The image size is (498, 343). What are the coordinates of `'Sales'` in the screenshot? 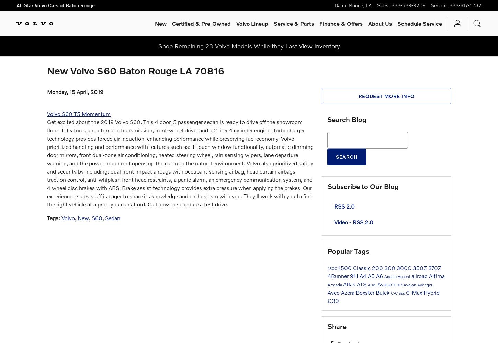 It's located at (376, 5).